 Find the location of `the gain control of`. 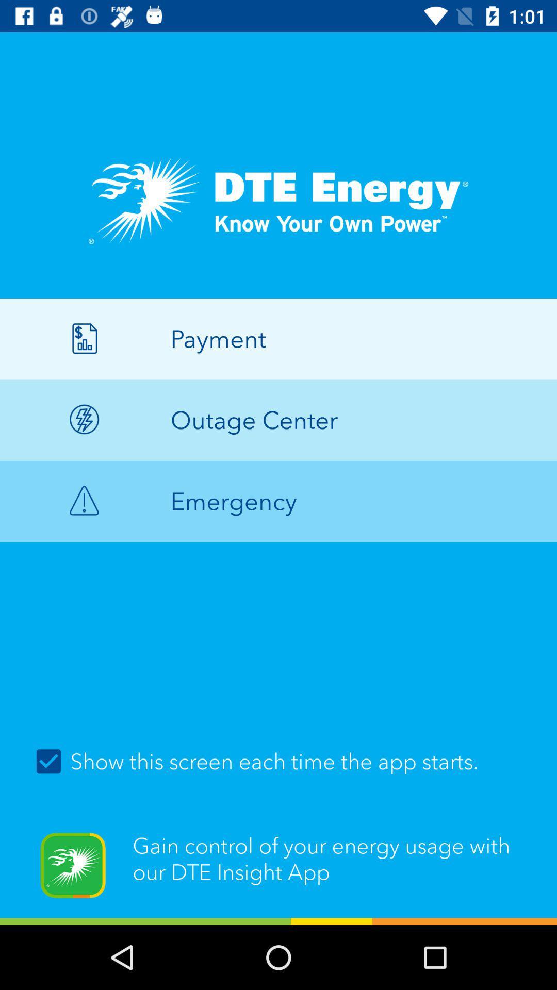

the gain control of is located at coordinates (278, 871).